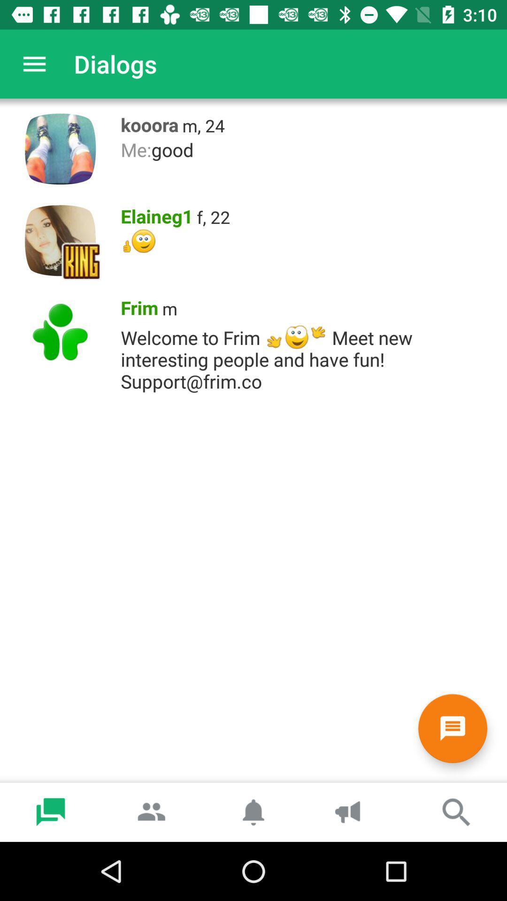  I want to click on item to the right of the elaineg1 item, so click(213, 216).